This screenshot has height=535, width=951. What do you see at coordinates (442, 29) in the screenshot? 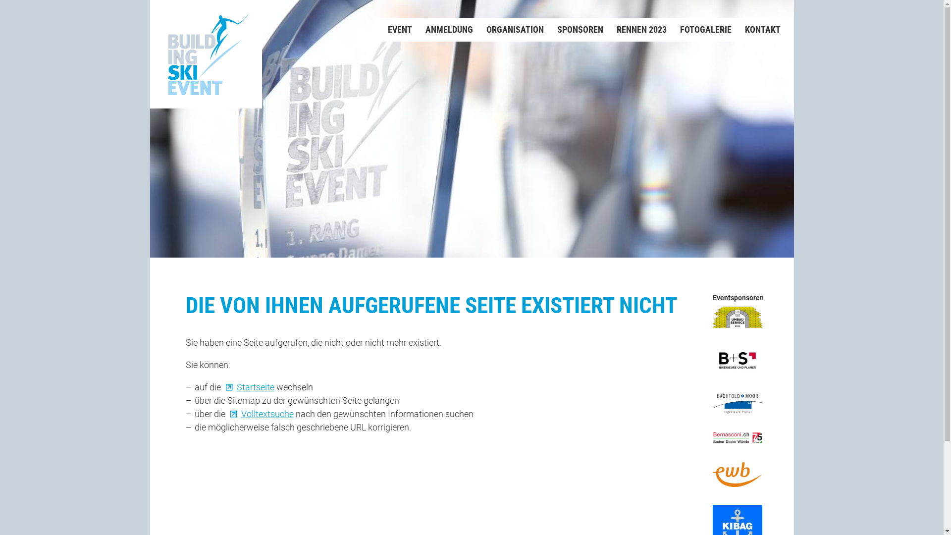
I see `'ANMELDUNG'` at bounding box center [442, 29].